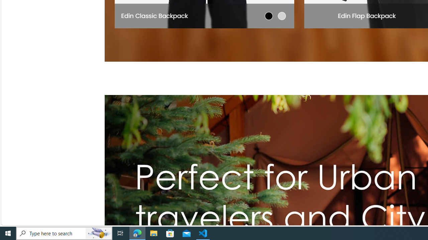 The width and height of the screenshot is (428, 240). I want to click on 'Start', so click(8, 233).